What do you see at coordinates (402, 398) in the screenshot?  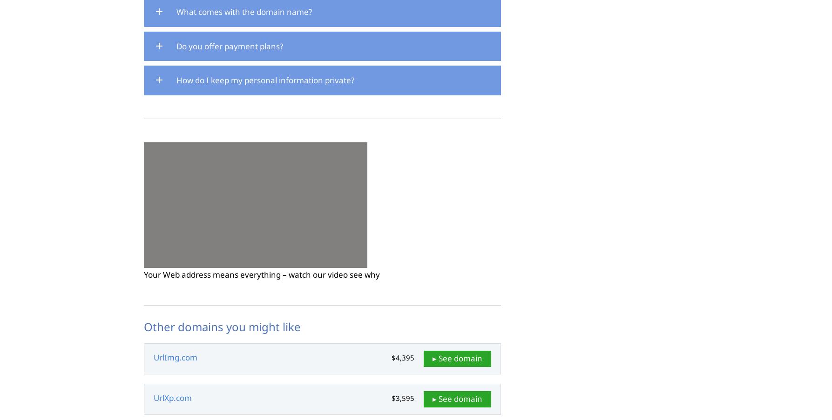 I see `'$3,595'` at bounding box center [402, 398].